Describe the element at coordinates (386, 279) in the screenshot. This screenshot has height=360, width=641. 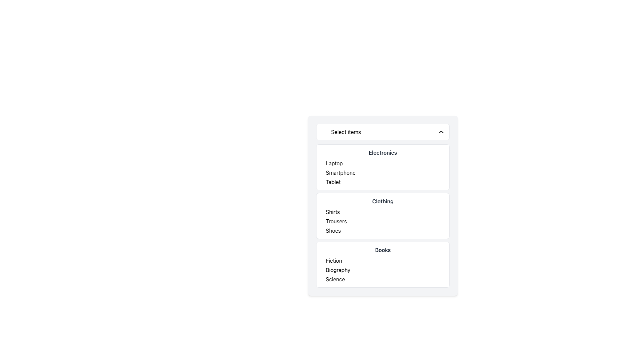
I see `the third item in the 'Books' category, which allows users to filter or view content related to 'Science'` at that location.